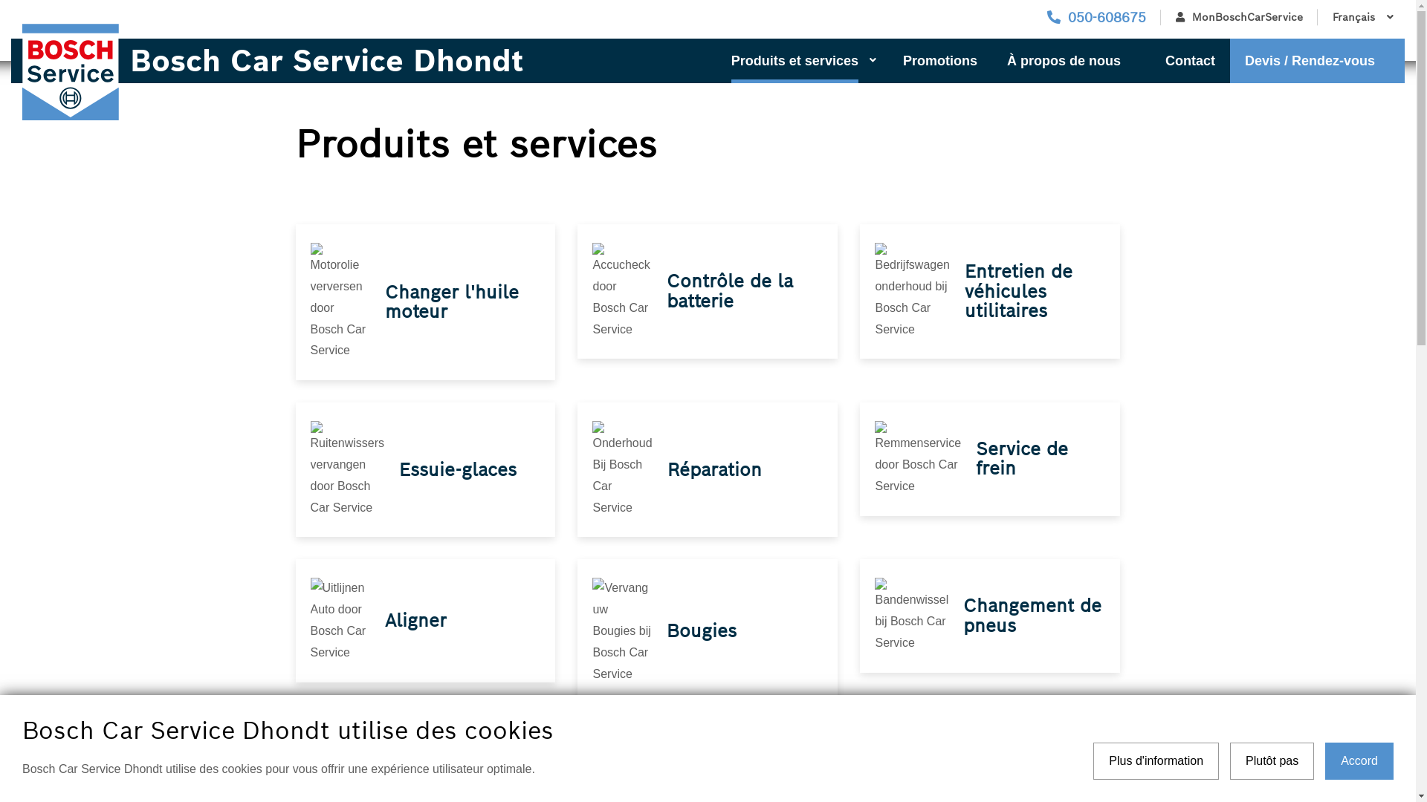 This screenshot has width=1427, height=802. Describe the element at coordinates (320, 59) in the screenshot. I see `'Bosch Car Service Dhondt'` at that location.